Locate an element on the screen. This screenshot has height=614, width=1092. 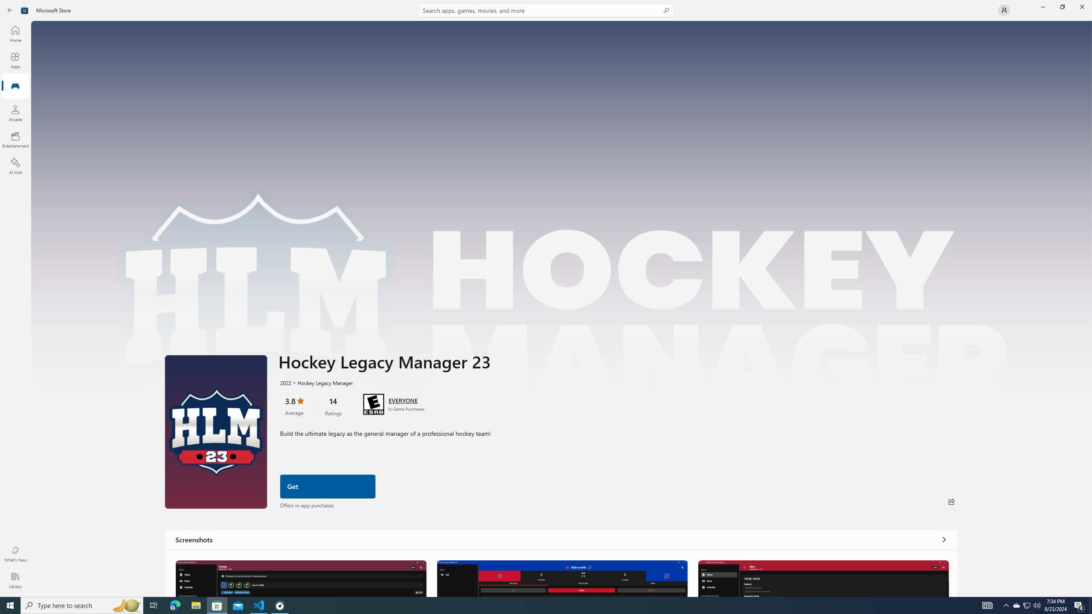
'Search' is located at coordinates (546, 10).